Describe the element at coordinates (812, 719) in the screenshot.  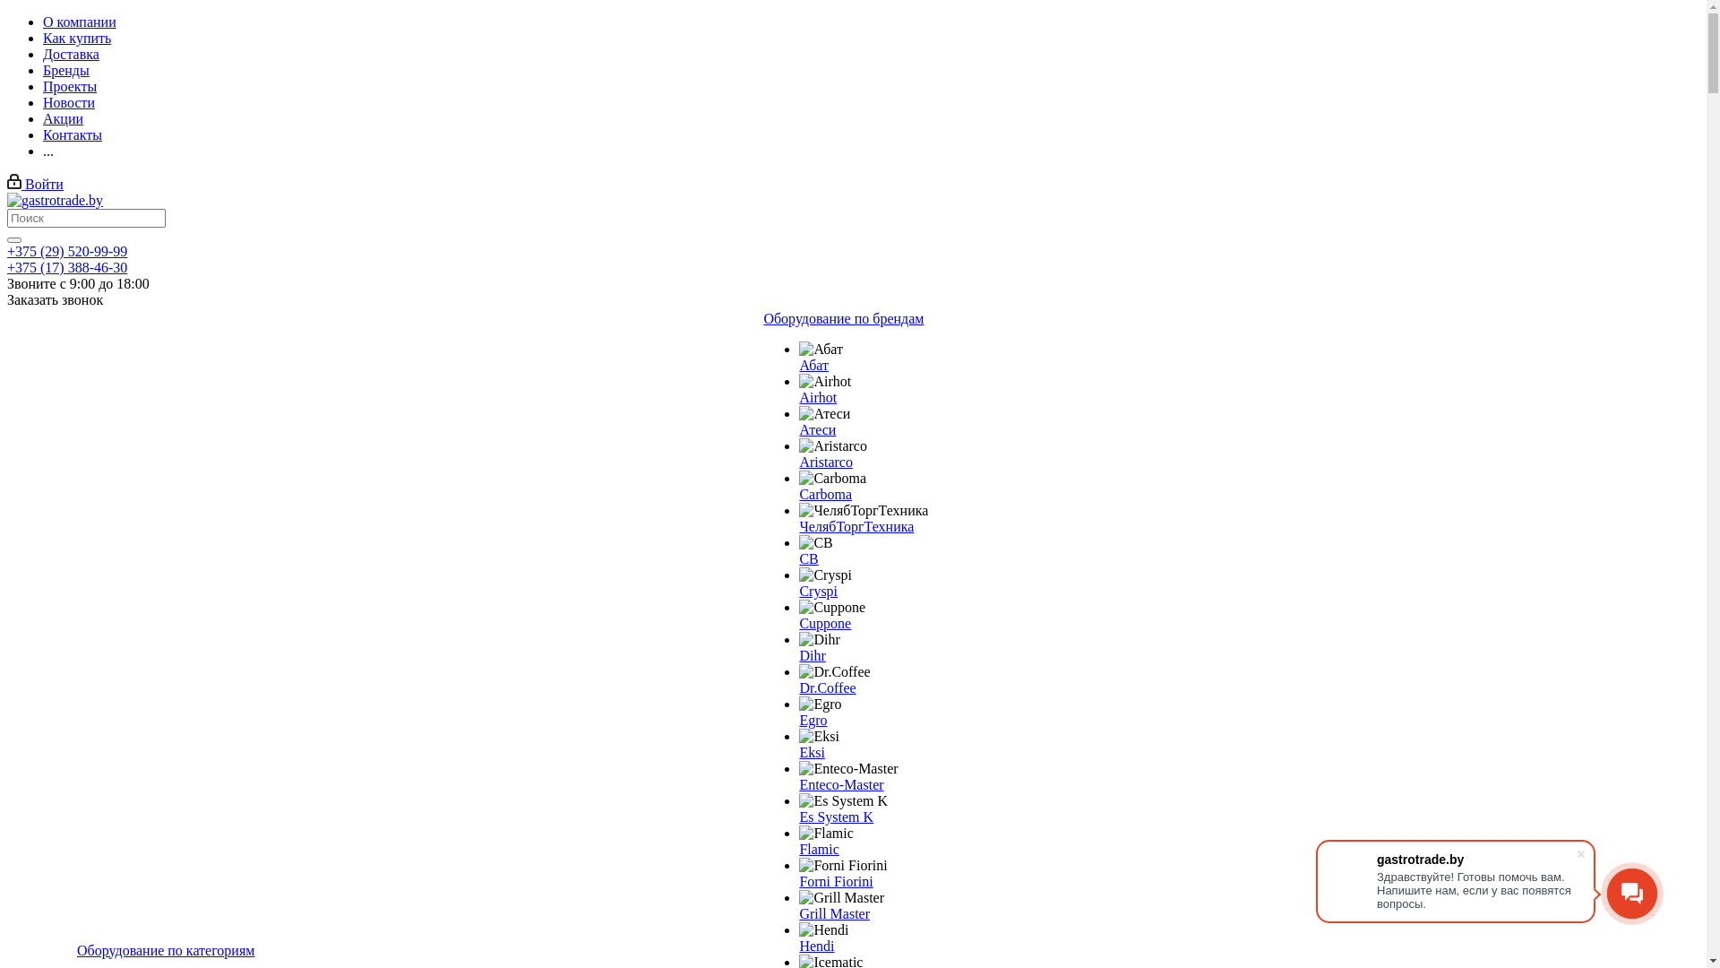
I see `'Egro'` at that location.